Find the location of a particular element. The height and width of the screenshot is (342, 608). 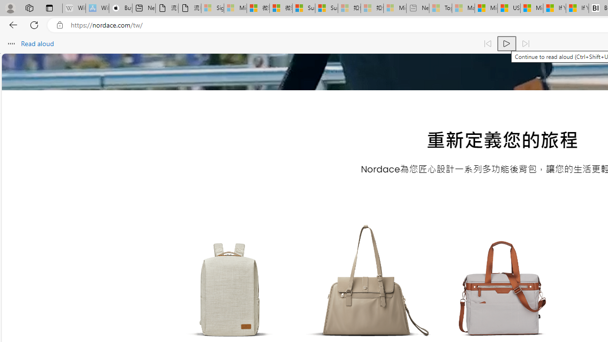

'Continue to read aloud (Ctrl+Shift+U)' is located at coordinates (506, 44).